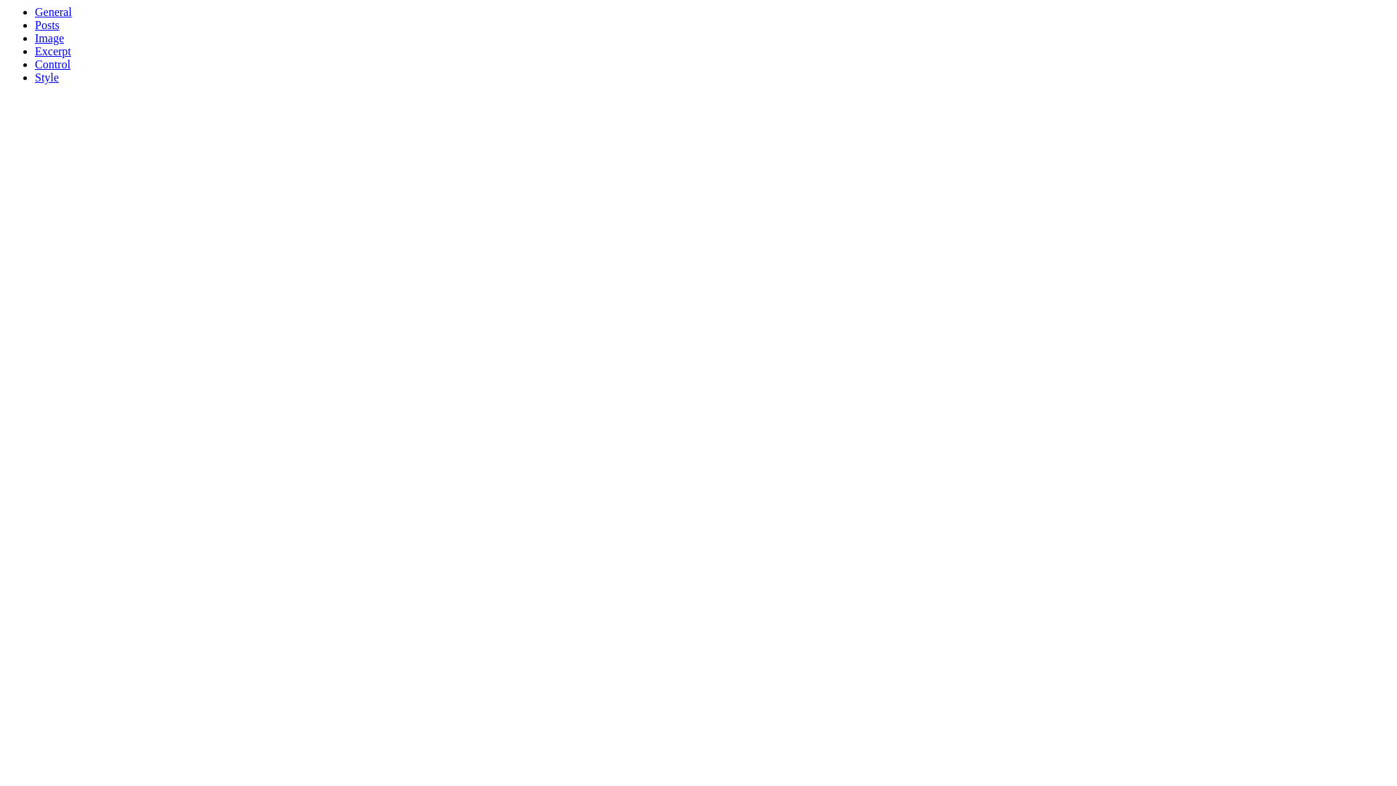  What do you see at coordinates (52, 50) in the screenshot?
I see `'Excerpt'` at bounding box center [52, 50].